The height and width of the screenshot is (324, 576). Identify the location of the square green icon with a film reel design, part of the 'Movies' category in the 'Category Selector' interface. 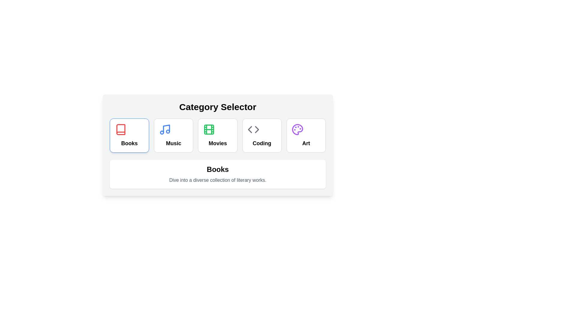
(209, 129).